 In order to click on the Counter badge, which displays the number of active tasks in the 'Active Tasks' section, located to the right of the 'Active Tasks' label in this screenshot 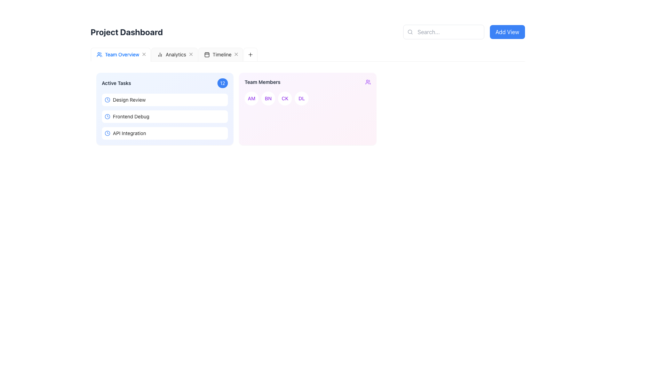, I will do `click(222, 83)`.